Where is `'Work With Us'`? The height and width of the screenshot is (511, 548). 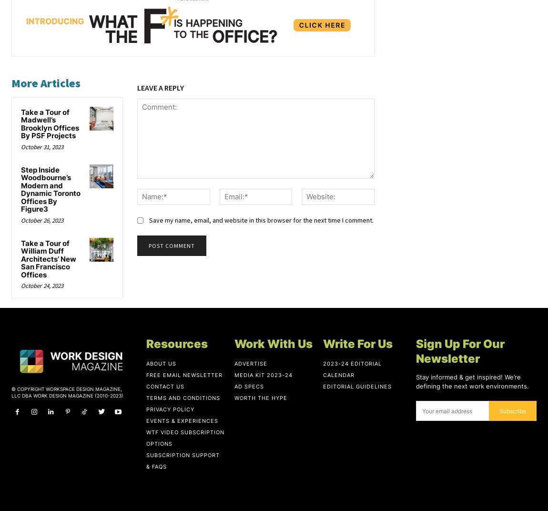 'Work With Us' is located at coordinates (273, 343).